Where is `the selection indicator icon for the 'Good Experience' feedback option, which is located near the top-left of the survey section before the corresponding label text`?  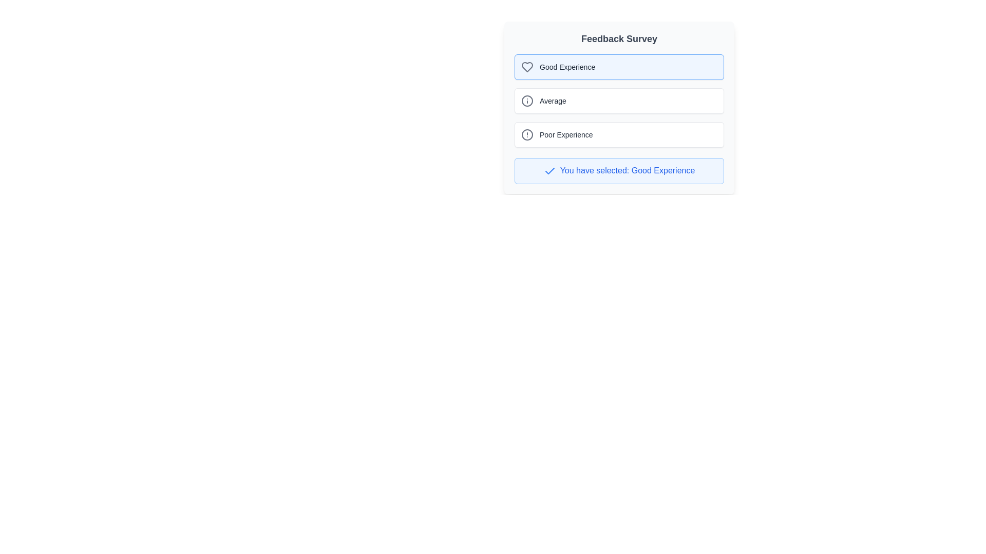
the selection indicator icon for the 'Good Experience' feedback option, which is located near the top-left of the survey section before the corresponding label text is located at coordinates (549, 170).